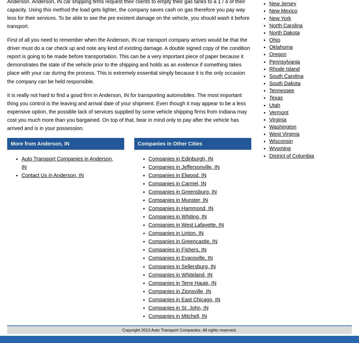 This screenshot has height=343, width=359. I want to click on 'Pennsylvania', so click(284, 61).